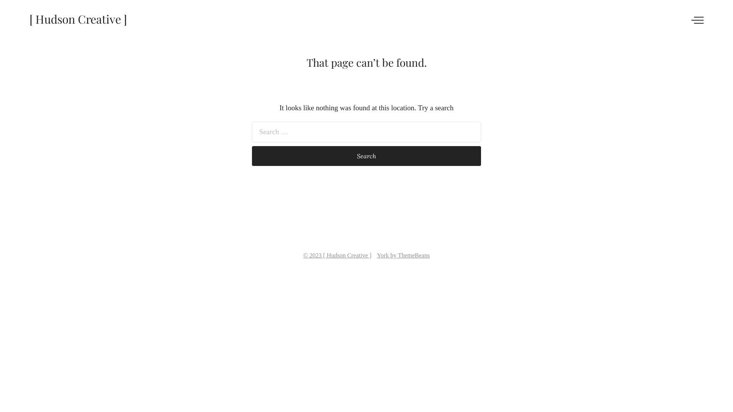  I want to click on 'Search', so click(366, 155).